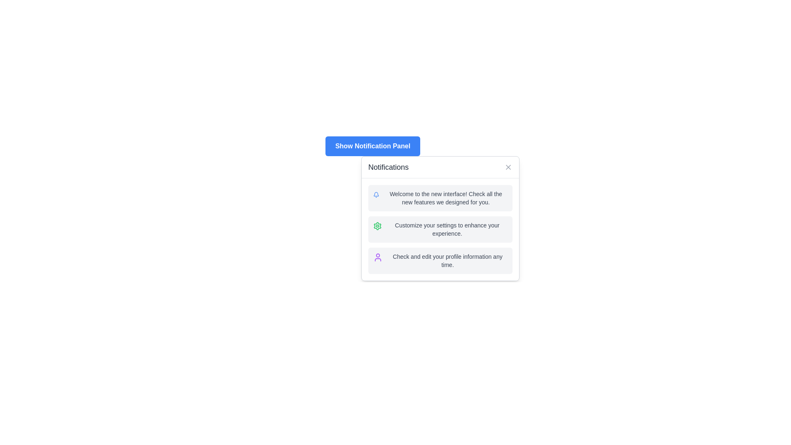 The image size is (791, 445). Describe the element at coordinates (508, 167) in the screenshot. I see `the 'X'-shaped close button icon located in the top-right corner of the notification card` at that location.